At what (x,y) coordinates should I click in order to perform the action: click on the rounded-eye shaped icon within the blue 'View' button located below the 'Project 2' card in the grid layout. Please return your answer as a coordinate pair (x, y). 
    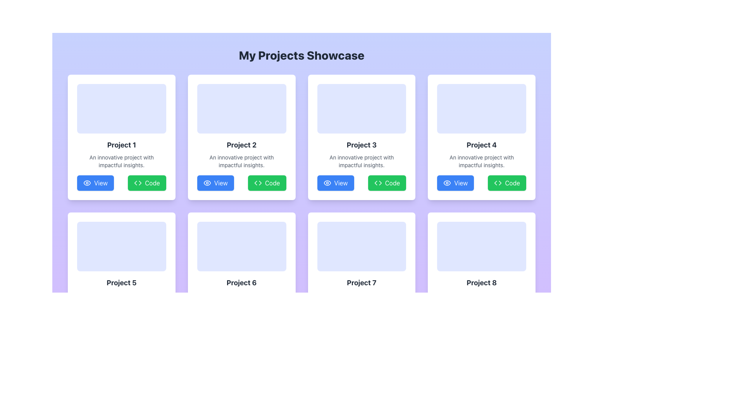
    Looking at the image, I should click on (207, 183).